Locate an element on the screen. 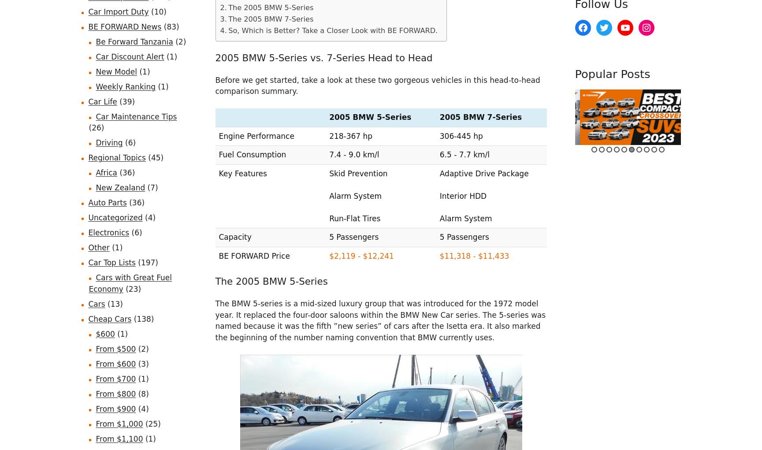 The image size is (762, 450). 'Adaptive Drive Package' is located at coordinates (483, 173).